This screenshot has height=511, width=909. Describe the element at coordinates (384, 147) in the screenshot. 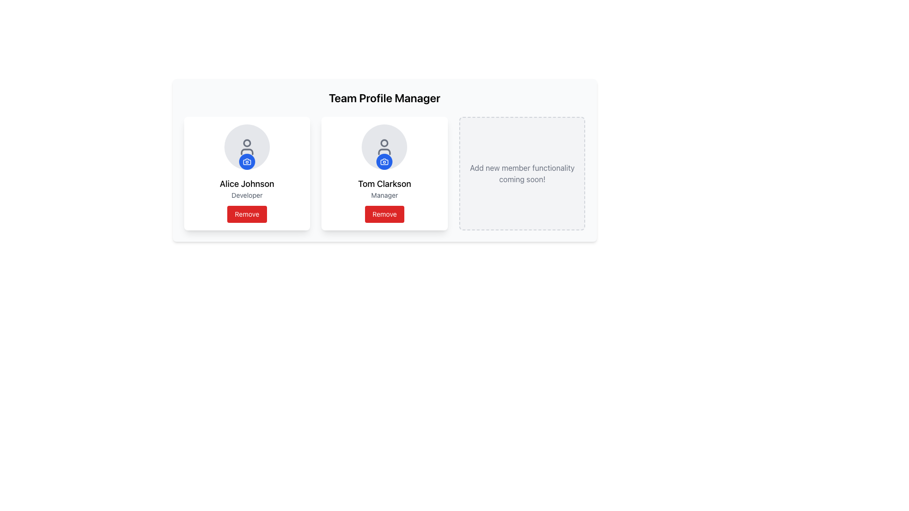

I see `the circular icon for user profile editing or image upload located in the top center of the second profile card labeled 'Tom Clarkson'` at that location.